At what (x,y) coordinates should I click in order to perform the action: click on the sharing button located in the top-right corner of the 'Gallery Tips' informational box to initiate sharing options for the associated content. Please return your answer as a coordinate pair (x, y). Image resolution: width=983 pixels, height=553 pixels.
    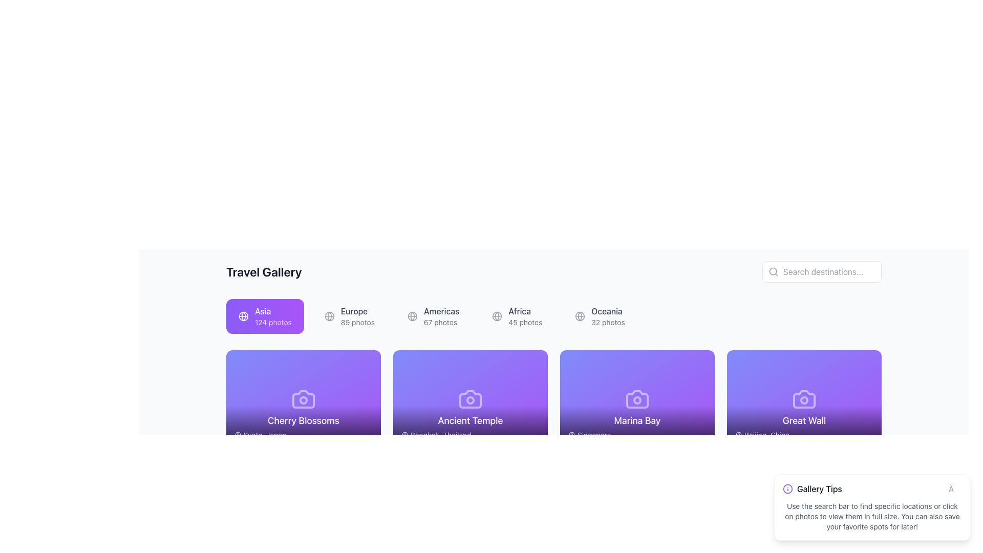
    Looking at the image, I should click on (843, 478).